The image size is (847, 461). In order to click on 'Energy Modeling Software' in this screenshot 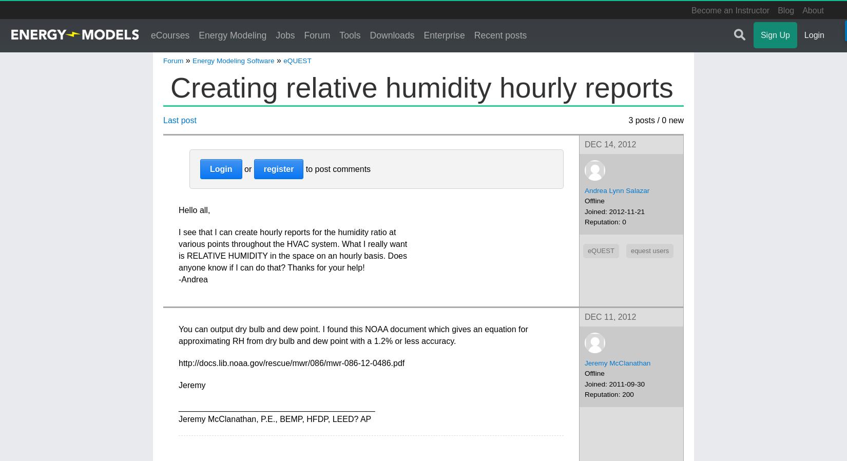, I will do `click(233, 60)`.